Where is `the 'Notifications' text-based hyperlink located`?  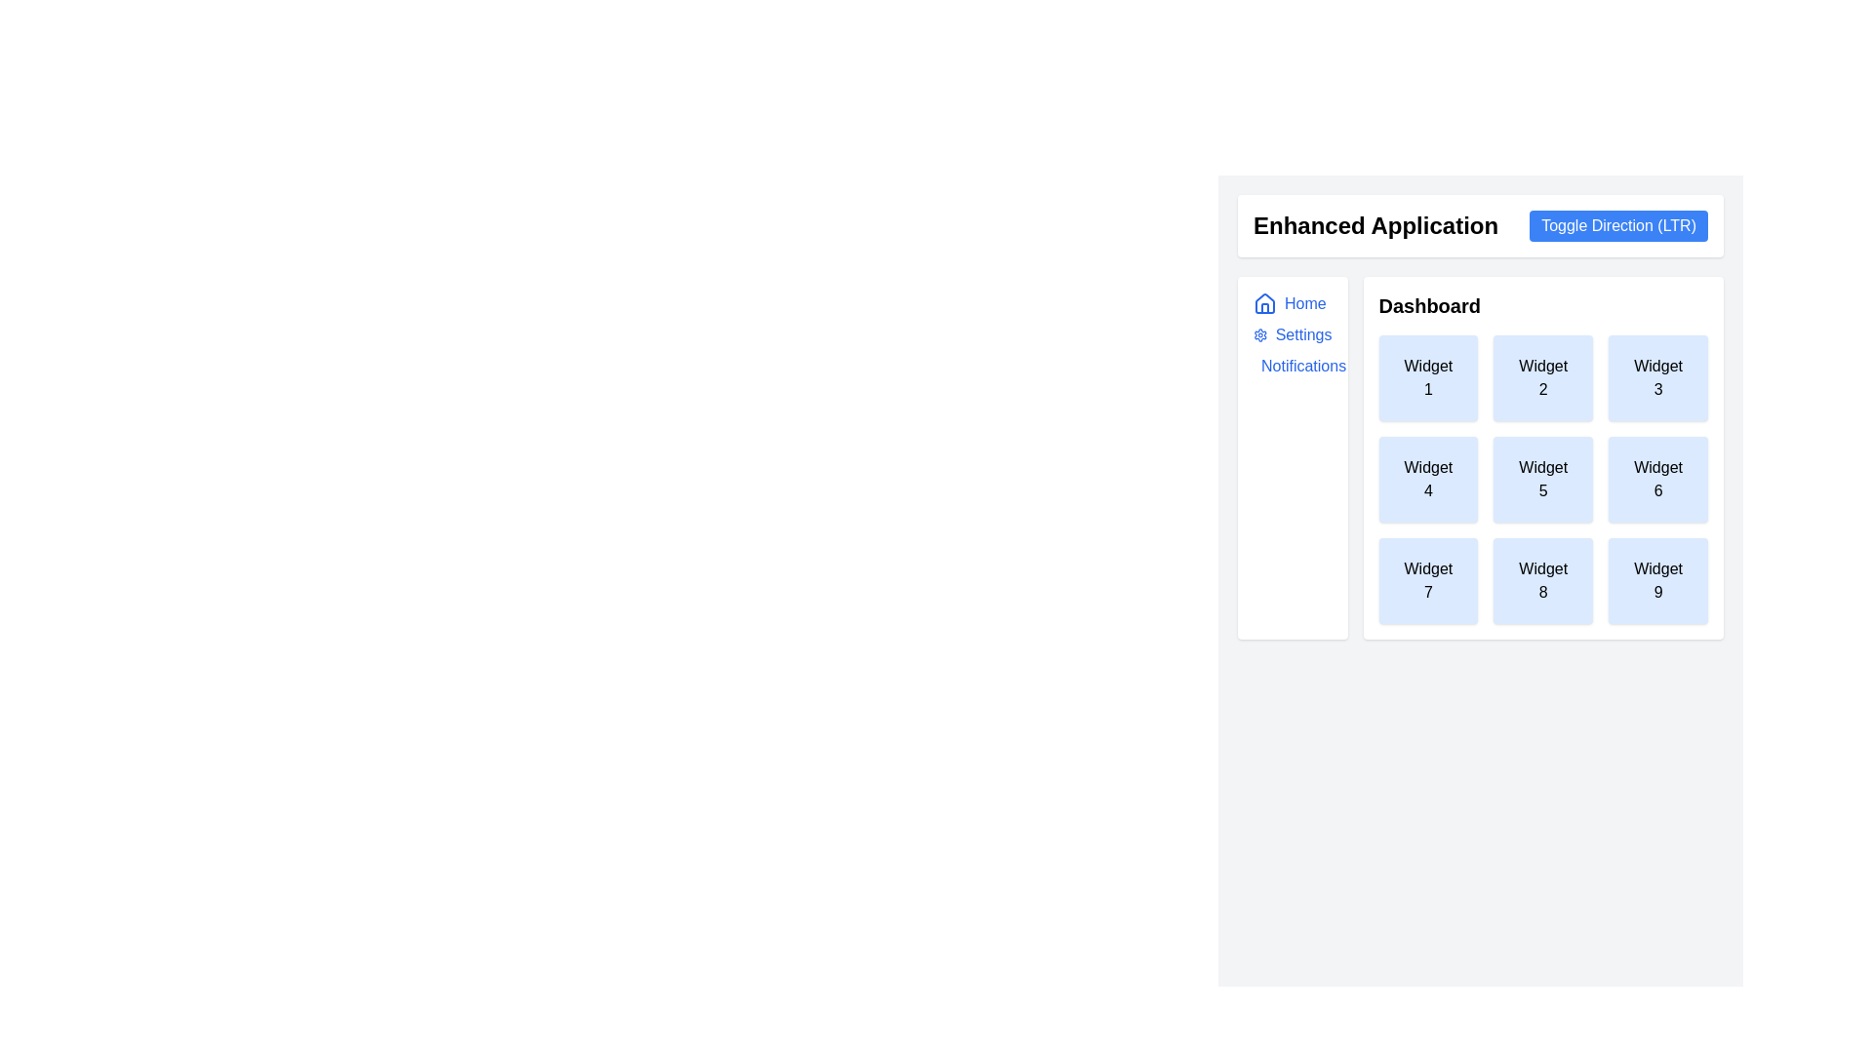
the 'Notifications' text-based hyperlink located is located at coordinates (1302, 366).